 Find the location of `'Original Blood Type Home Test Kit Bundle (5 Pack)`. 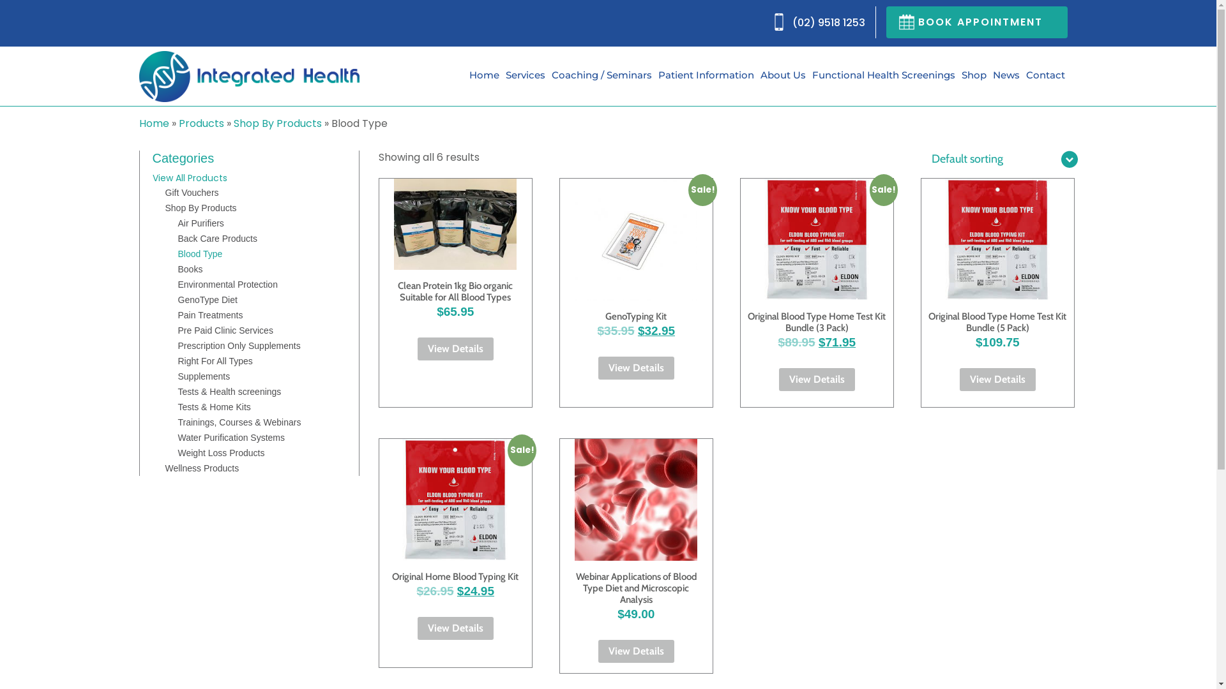

'Original Blood Type Home Test Kit Bundle (5 Pack) is located at coordinates (997, 282).